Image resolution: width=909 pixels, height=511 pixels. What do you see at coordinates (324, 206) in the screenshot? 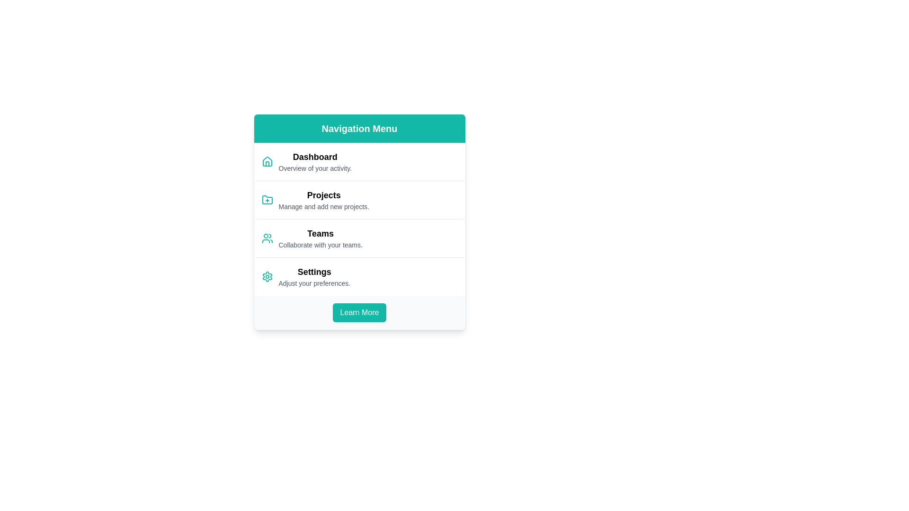
I see `the description text located under the 'Projects' title in the navigation menu, which clarifies the purpose of the section` at bounding box center [324, 206].